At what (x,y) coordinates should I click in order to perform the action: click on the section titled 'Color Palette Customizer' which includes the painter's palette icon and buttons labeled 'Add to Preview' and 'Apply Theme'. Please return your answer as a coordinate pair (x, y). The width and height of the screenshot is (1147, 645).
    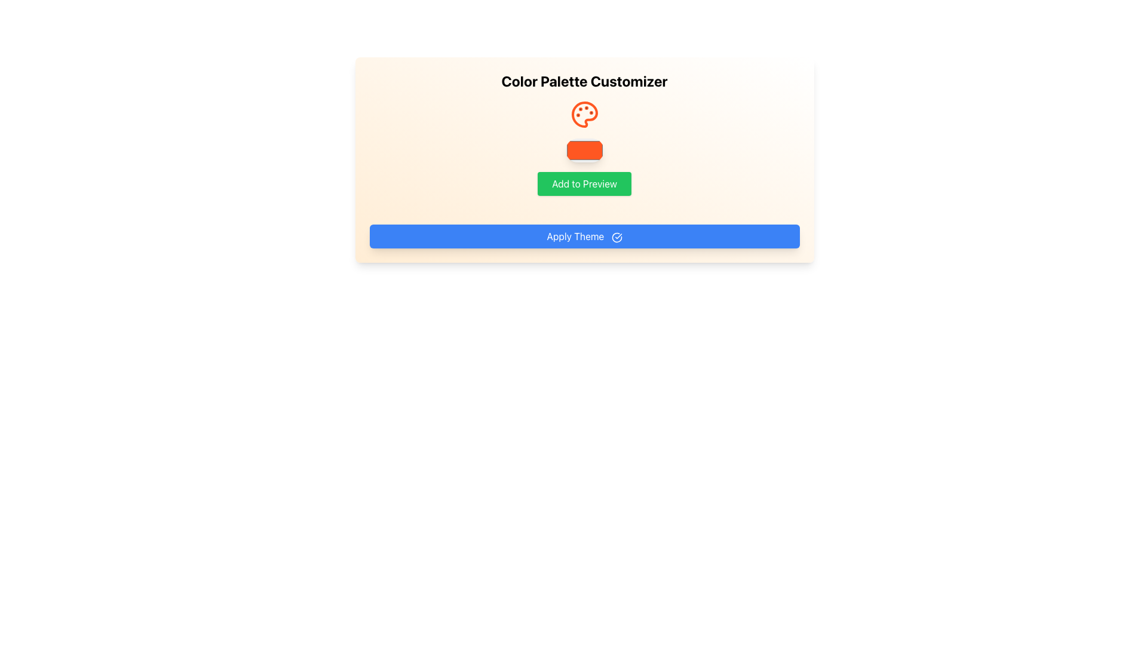
    Looking at the image, I should click on (584, 159).